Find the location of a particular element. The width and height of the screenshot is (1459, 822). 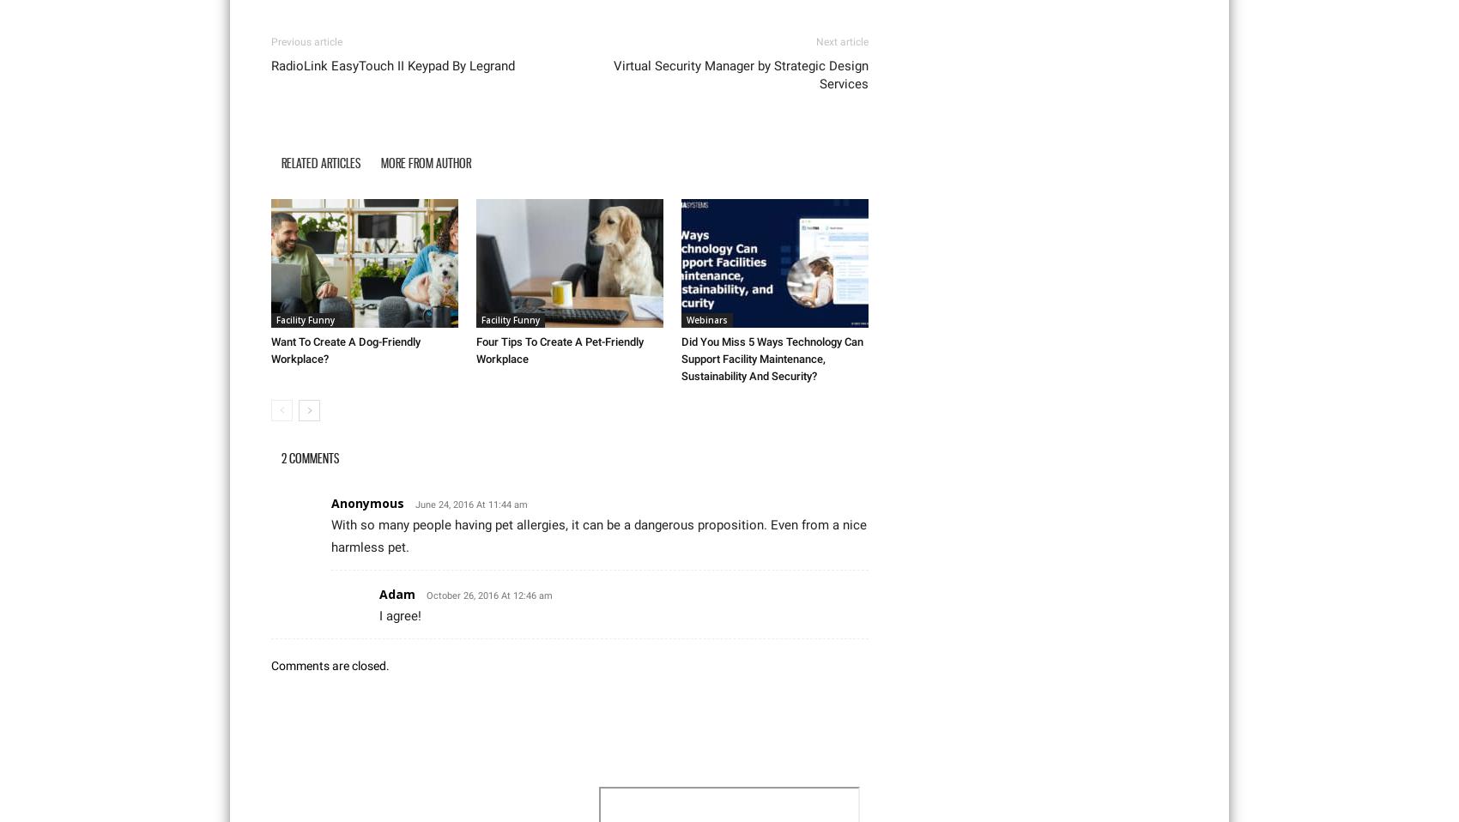

'2 COMMENTS' is located at coordinates (309, 456).